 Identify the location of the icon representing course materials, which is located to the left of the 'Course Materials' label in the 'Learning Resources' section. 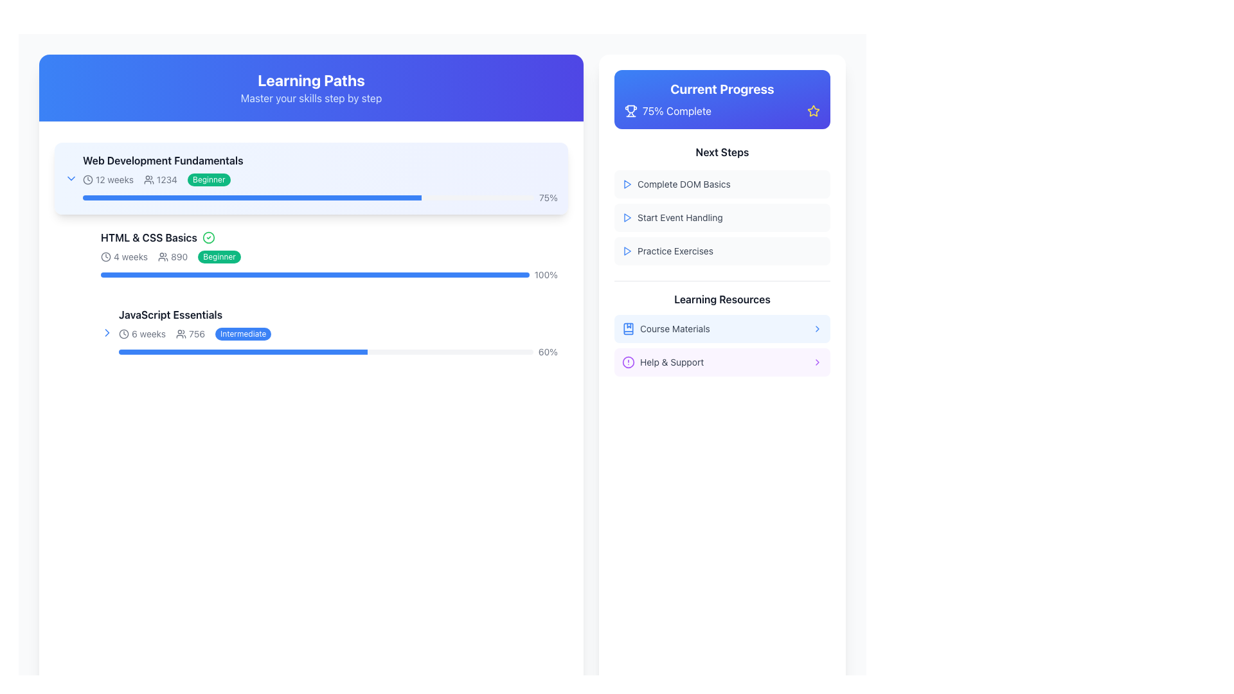
(629, 328).